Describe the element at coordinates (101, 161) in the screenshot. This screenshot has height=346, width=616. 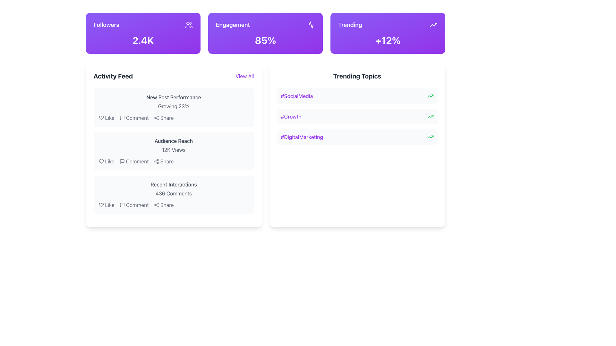
I see `the heart-shaped 'Like' icon` at that location.